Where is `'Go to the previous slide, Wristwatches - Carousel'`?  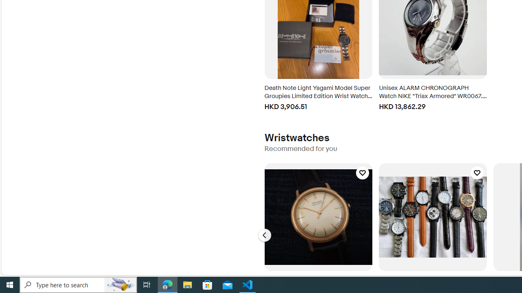 'Go to the previous slide, Wristwatches - Carousel' is located at coordinates (264, 235).